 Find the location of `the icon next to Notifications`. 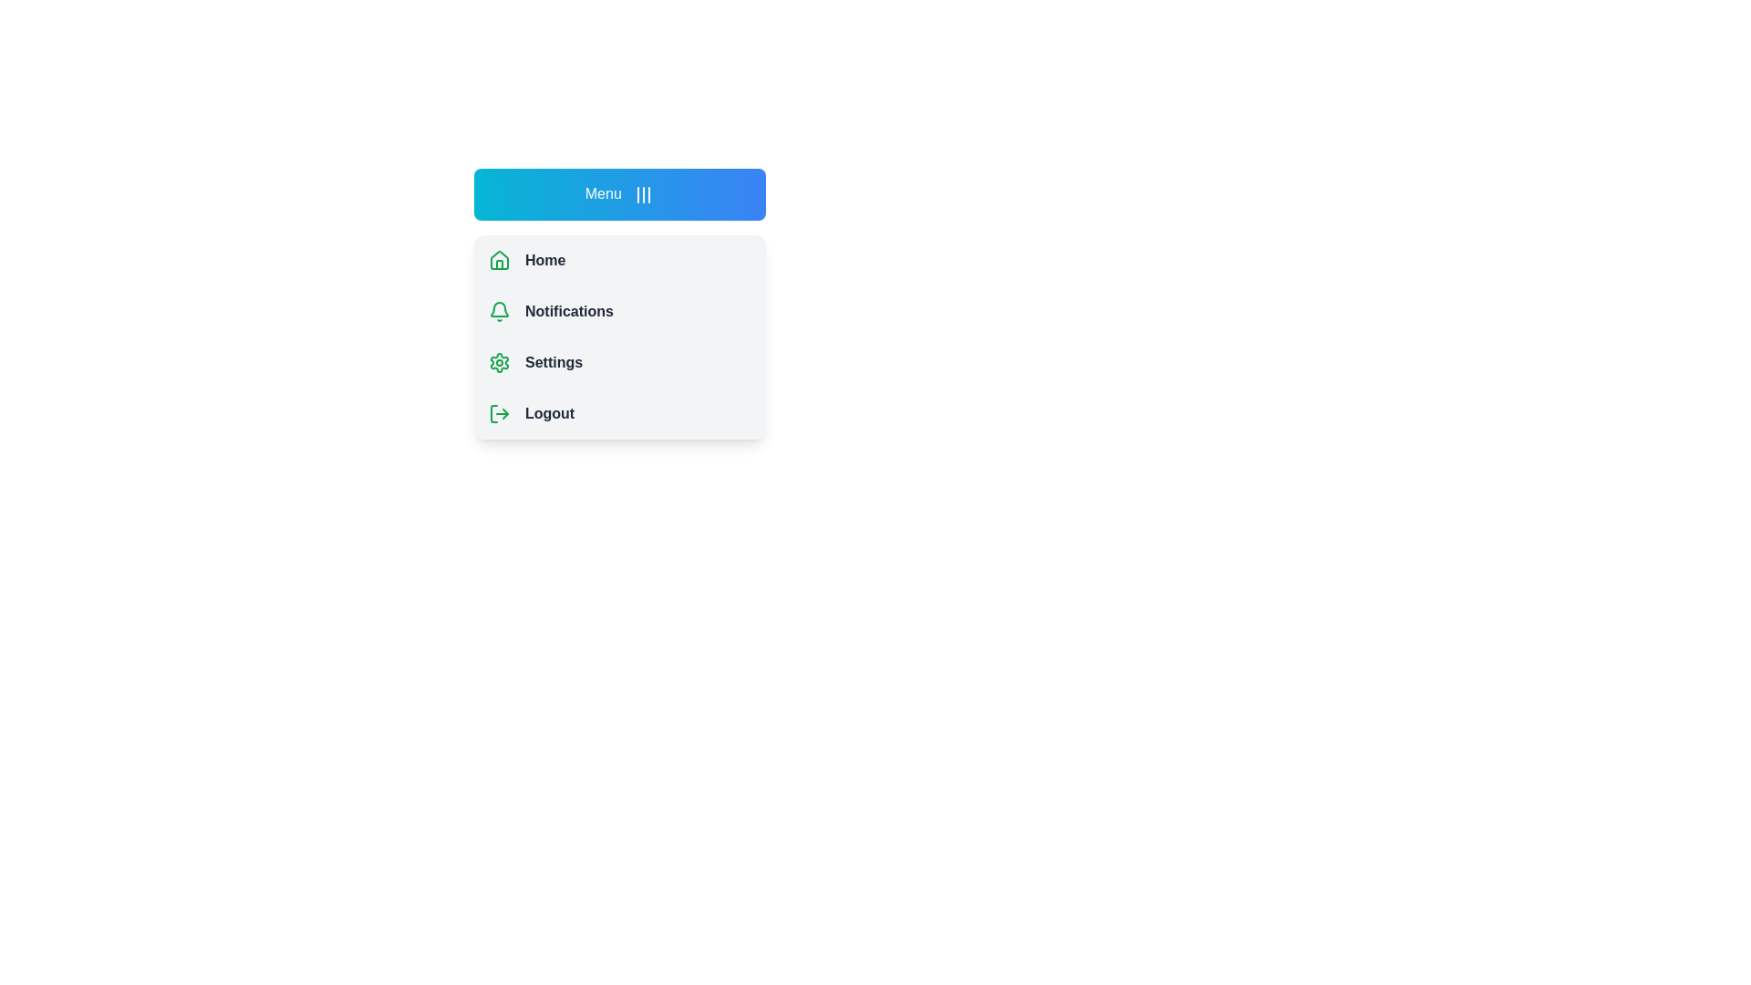

the icon next to Notifications is located at coordinates (499, 310).